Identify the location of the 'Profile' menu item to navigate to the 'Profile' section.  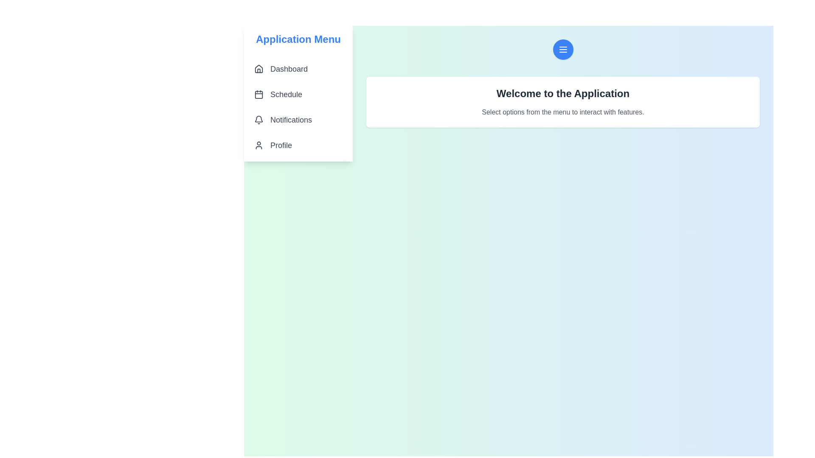
(298, 145).